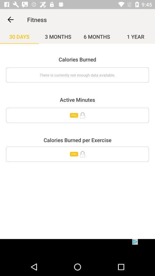 The width and height of the screenshot is (155, 276). Describe the element at coordinates (77, 115) in the screenshot. I see `unlock pro` at that location.